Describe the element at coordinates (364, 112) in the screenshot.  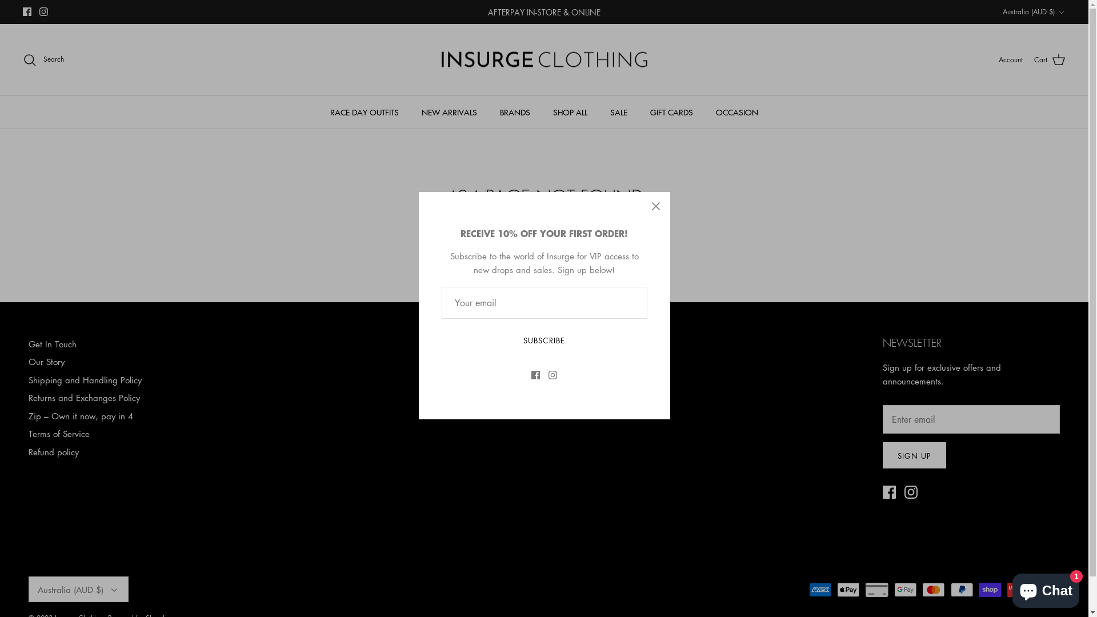
I see `'RACE DAY OUTFITS'` at that location.